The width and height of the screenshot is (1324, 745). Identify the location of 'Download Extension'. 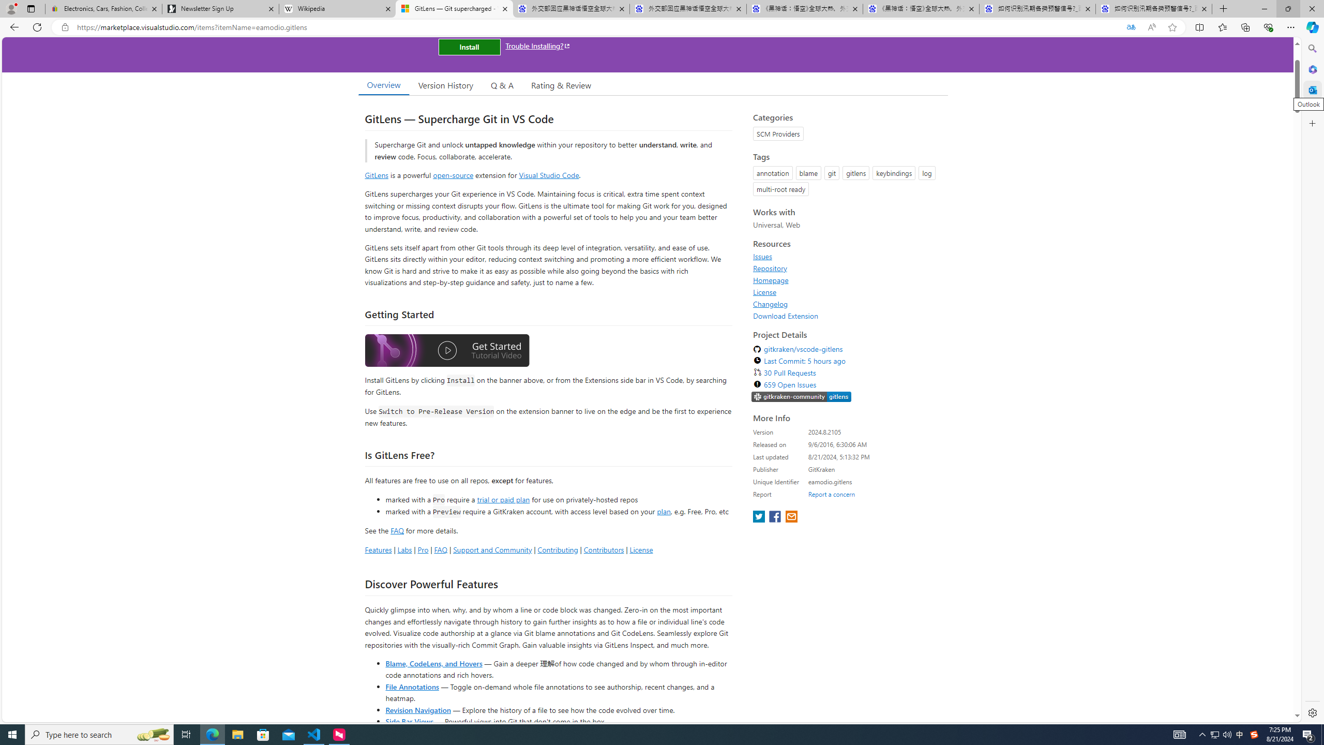
(786, 315).